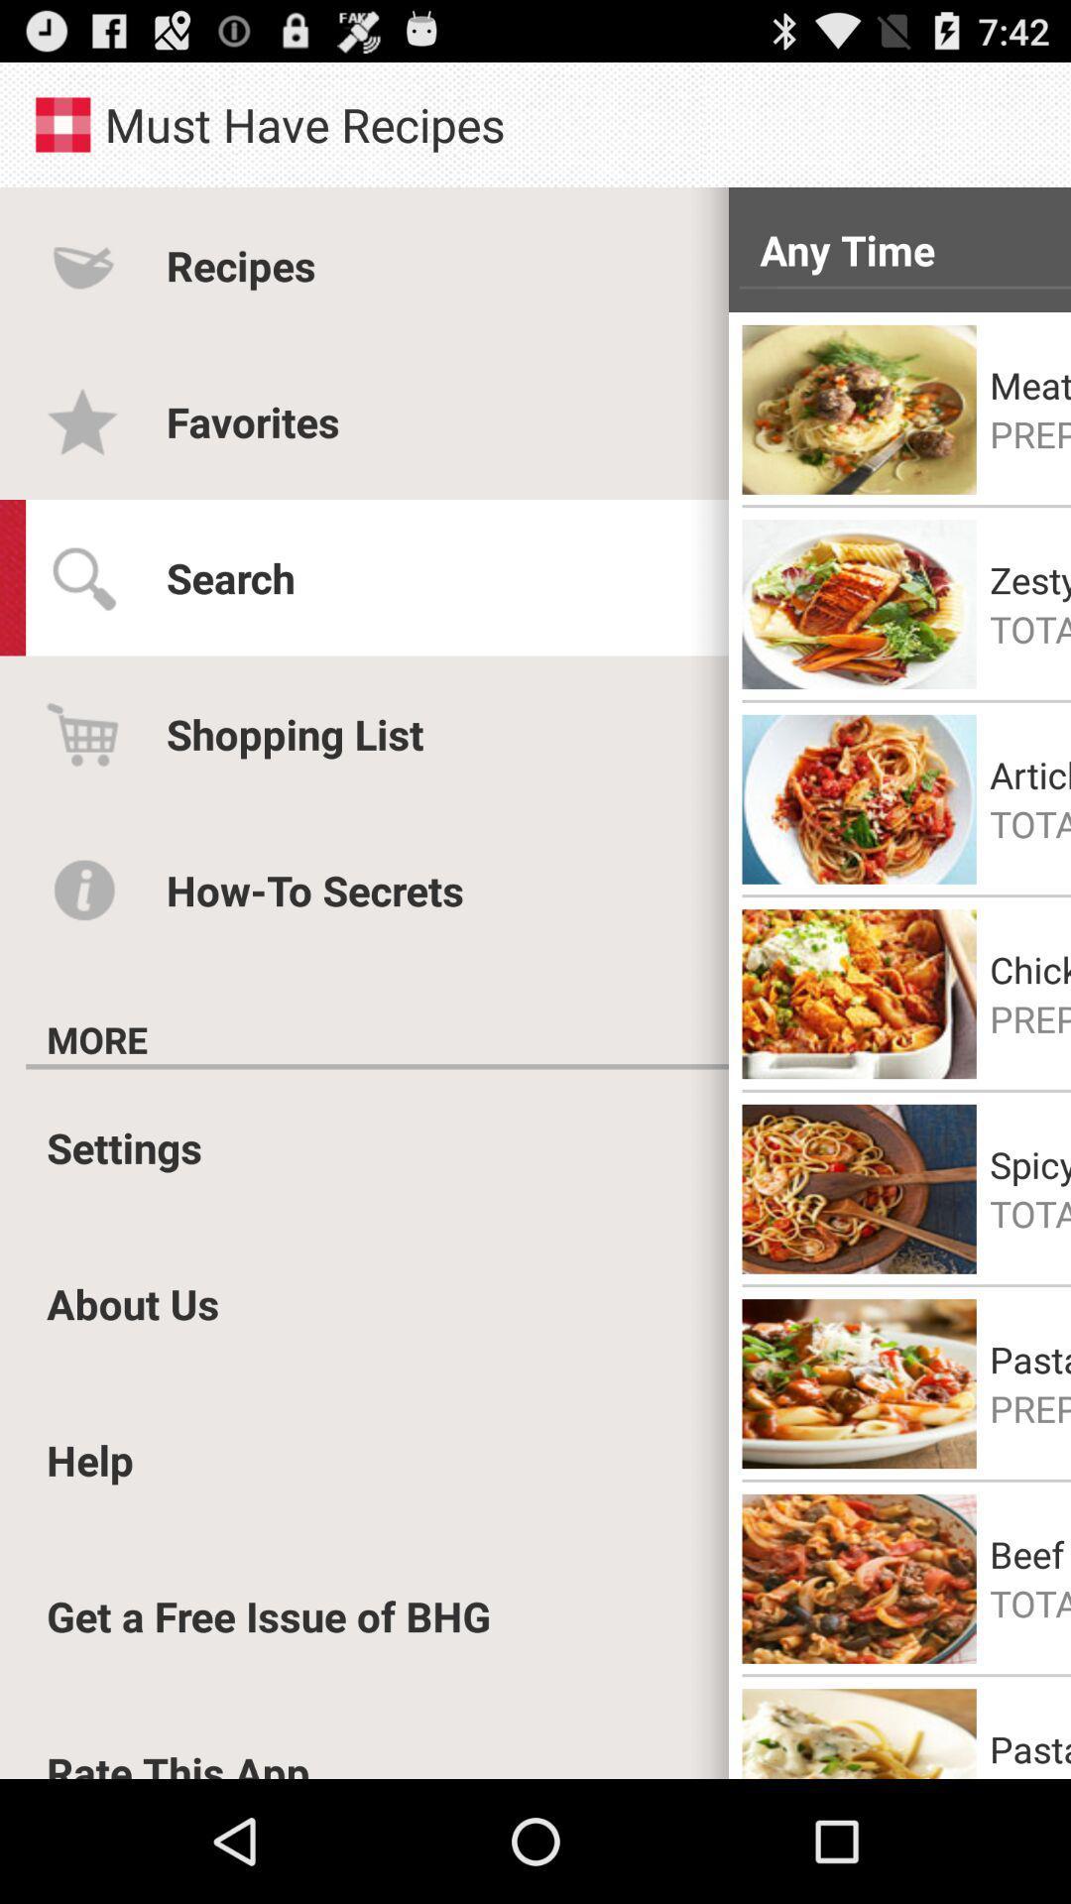 The image size is (1071, 1904). Describe the element at coordinates (1029, 579) in the screenshot. I see `icon above the total: 25 min icon` at that location.